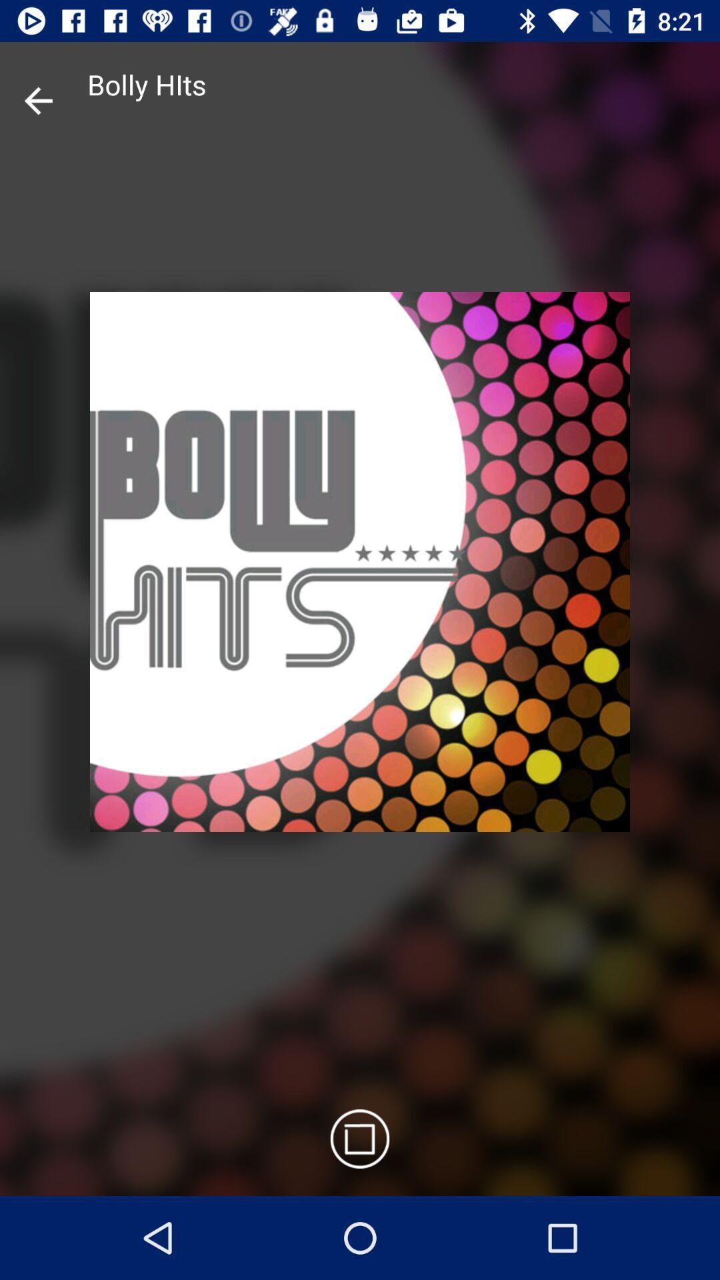 Image resolution: width=720 pixels, height=1280 pixels. Describe the element at coordinates (37, 100) in the screenshot. I see `the arrow_backward icon` at that location.